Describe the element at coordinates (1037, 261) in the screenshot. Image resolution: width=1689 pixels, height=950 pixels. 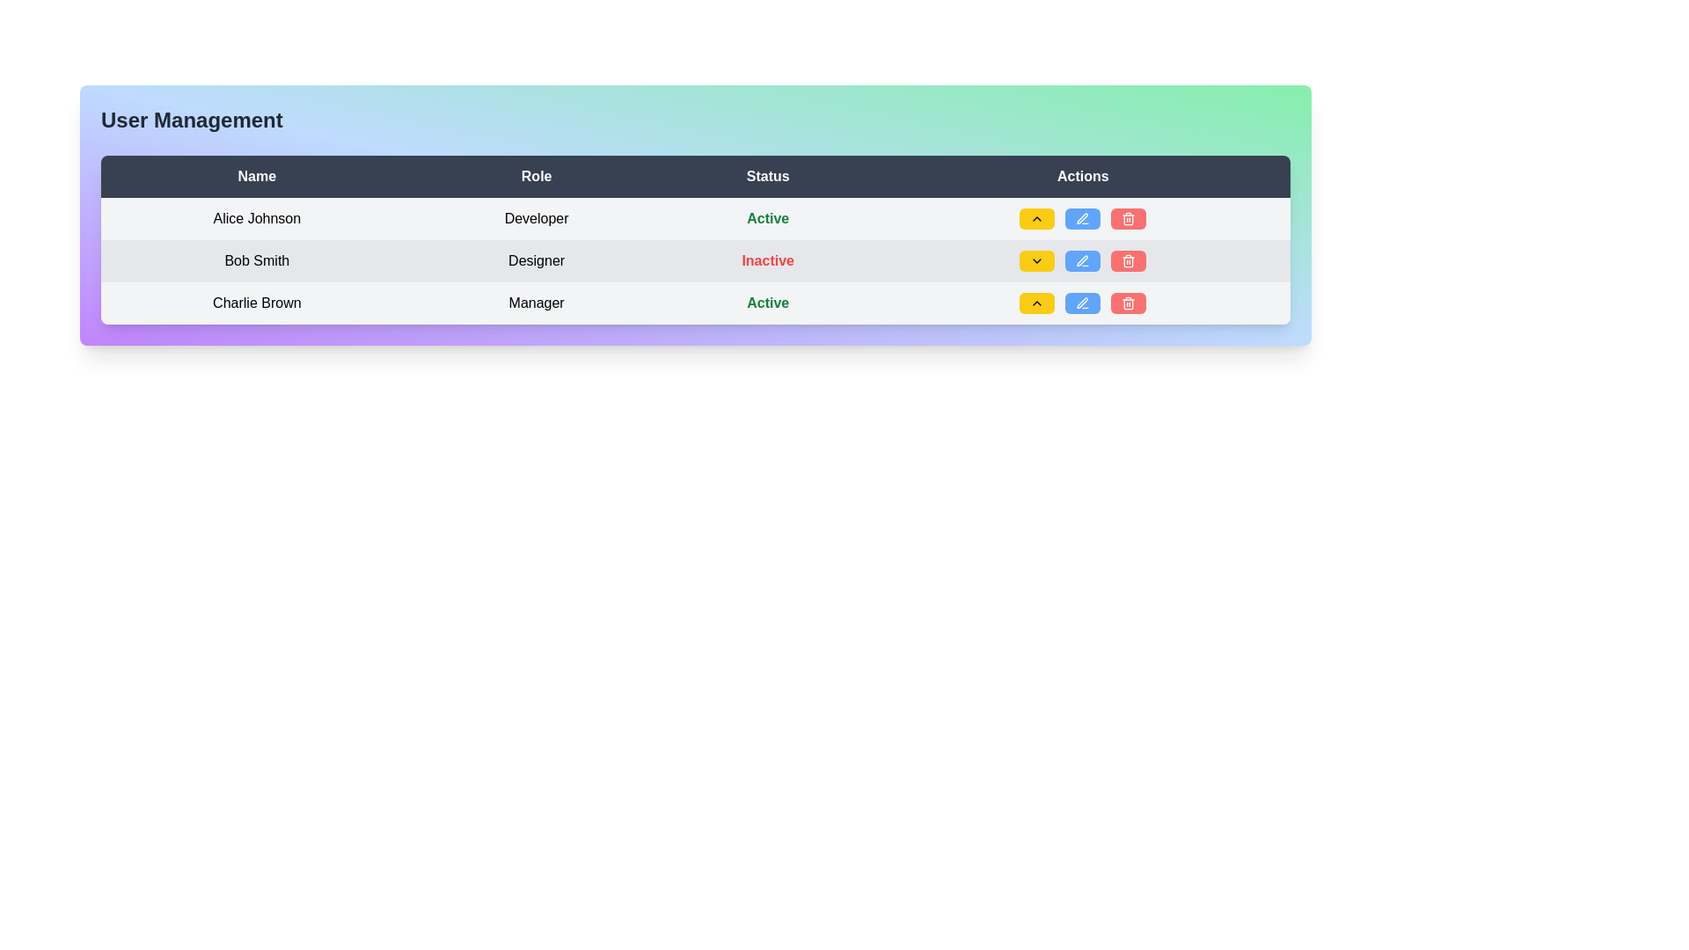
I see `the small downward-pointing chevron icon, which is styled with a black stroke and located in the second row of the 'Actions' column in a yellow button` at that location.